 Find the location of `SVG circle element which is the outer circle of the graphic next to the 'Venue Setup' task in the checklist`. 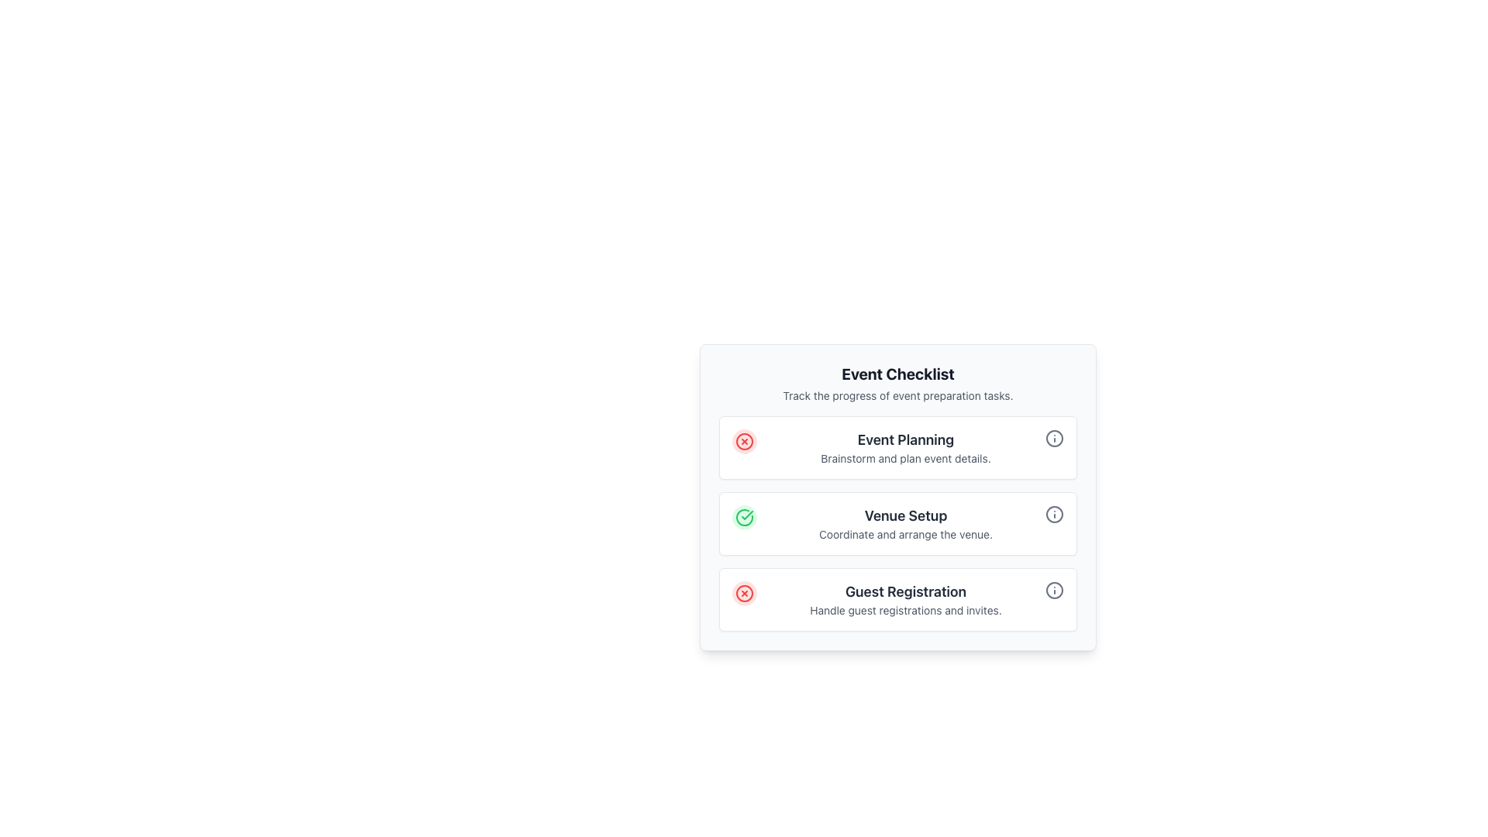

SVG circle element which is the outer circle of the graphic next to the 'Venue Setup' task in the checklist is located at coordinates (1054, 514).